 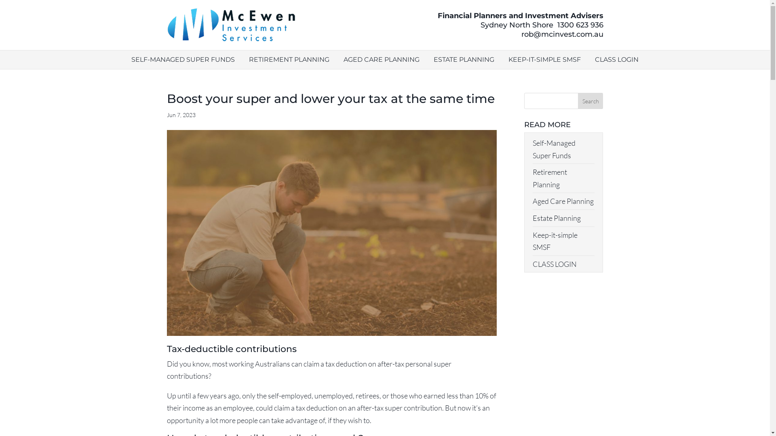 I want to click on 'Keep-it-simple SMSF', so click(x=555, y=241).